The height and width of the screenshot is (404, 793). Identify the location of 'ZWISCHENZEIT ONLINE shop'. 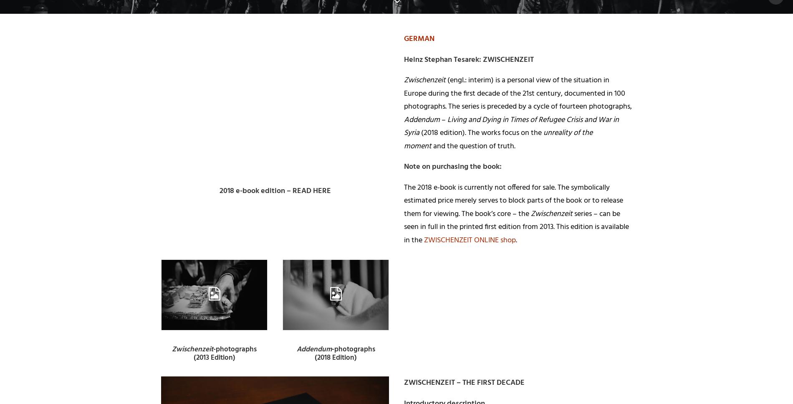
(470, 239).